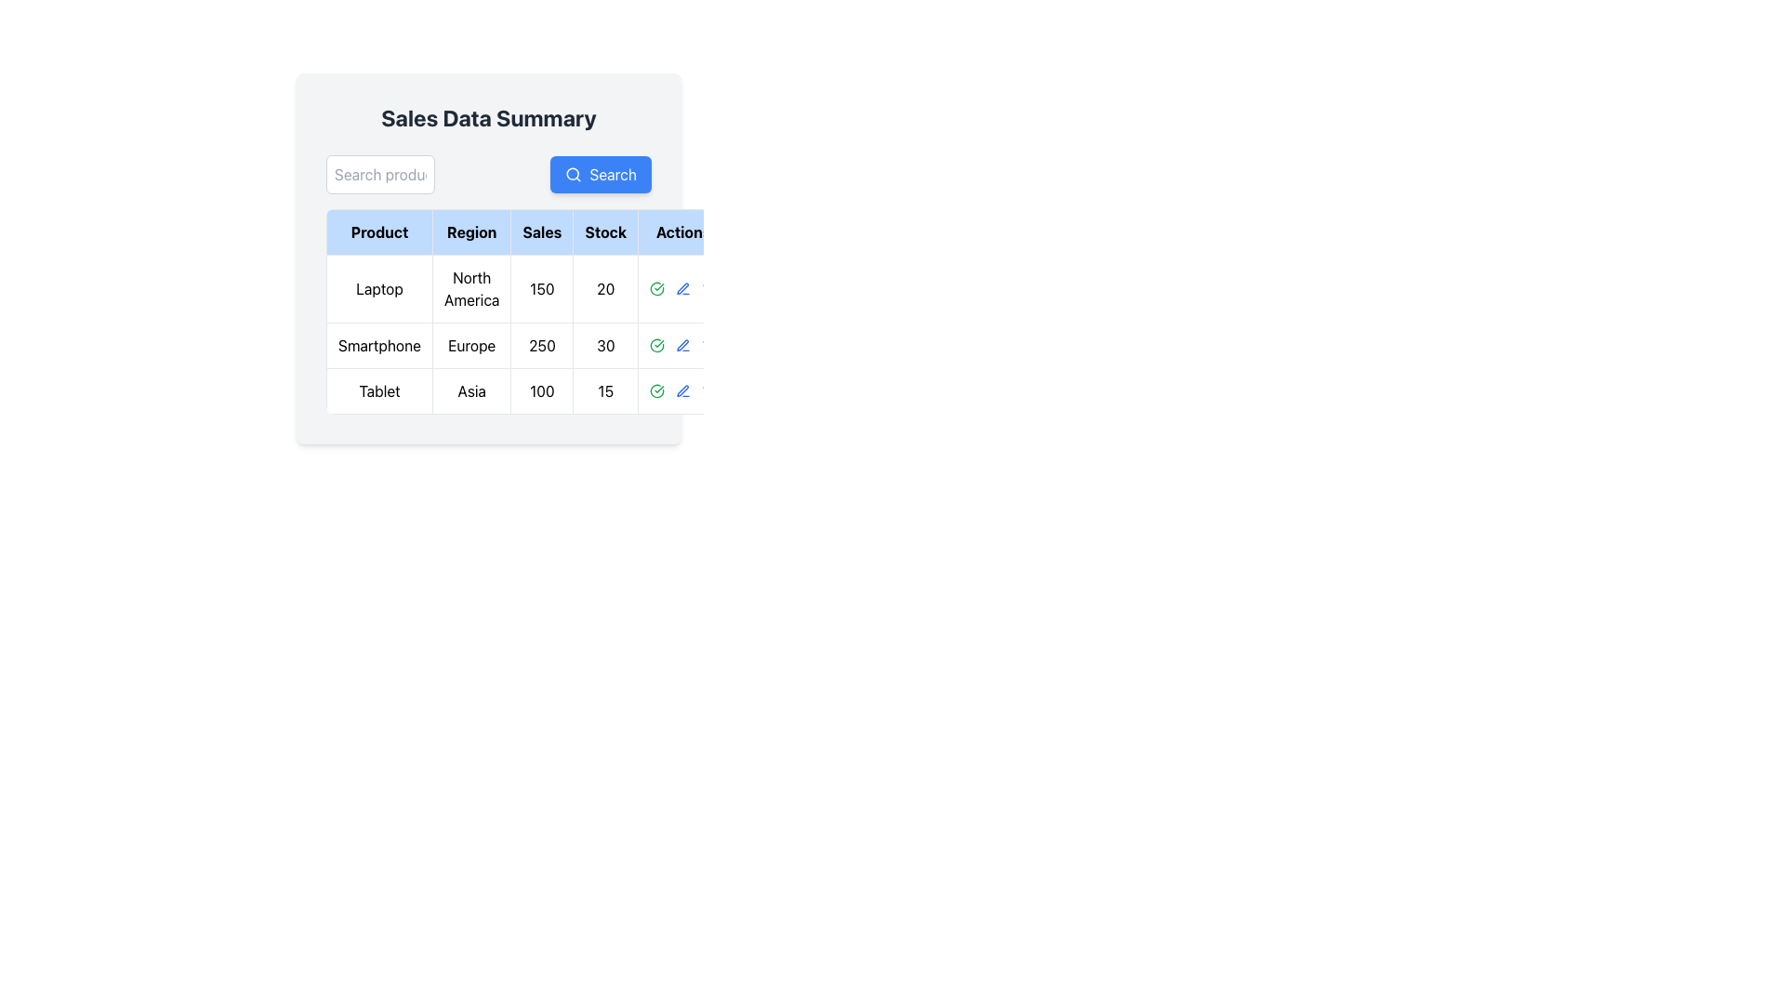  Describe the element at coordinates (682, 231) in the screenshot. I see `text 'Actions' from the fifth column header cell in the table, which has a light-blue background and bold black text` at that location.